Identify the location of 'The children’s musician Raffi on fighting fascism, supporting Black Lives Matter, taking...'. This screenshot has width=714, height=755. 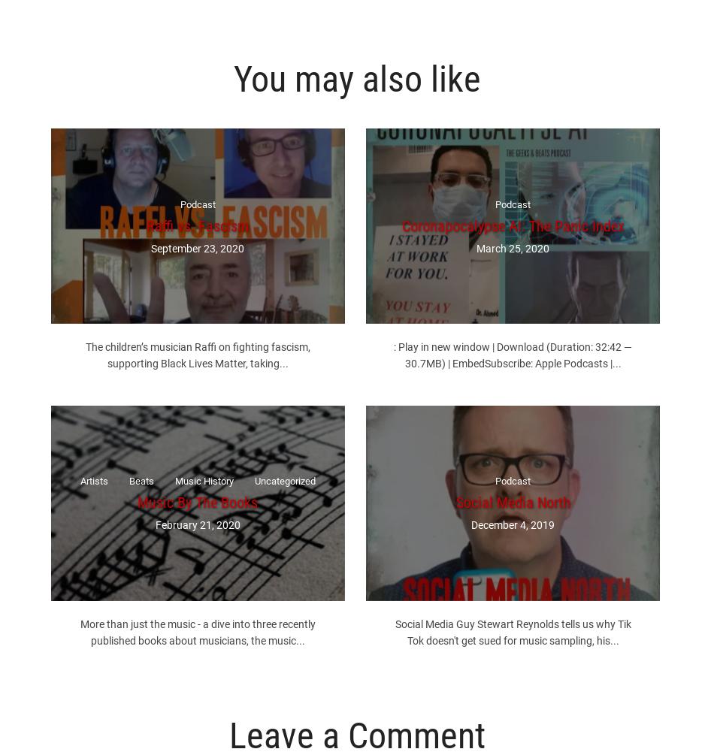
(196, 355).